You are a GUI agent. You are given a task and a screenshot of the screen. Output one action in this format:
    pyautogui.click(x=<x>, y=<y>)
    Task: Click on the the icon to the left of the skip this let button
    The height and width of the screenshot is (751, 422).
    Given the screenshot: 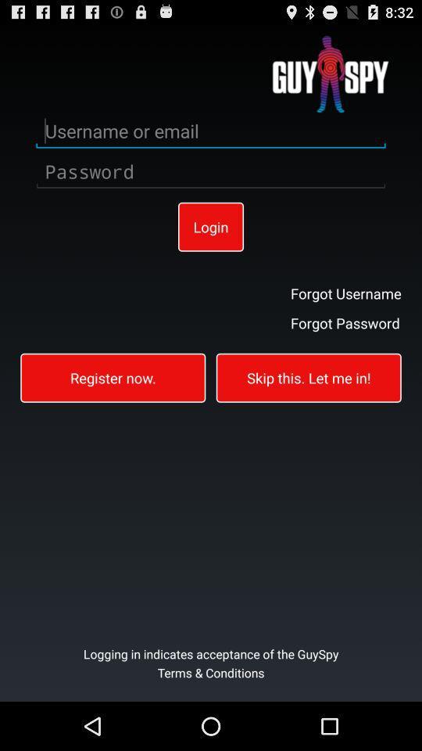 What is the action you would take?
    pyautogui.click(x=112, y=376)
    